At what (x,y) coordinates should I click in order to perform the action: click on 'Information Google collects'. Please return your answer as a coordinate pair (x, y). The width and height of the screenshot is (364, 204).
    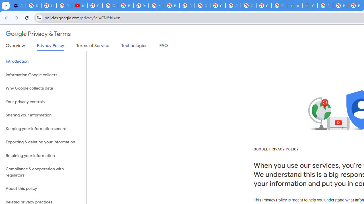
    Looking at the image, I should click on (43, 75).